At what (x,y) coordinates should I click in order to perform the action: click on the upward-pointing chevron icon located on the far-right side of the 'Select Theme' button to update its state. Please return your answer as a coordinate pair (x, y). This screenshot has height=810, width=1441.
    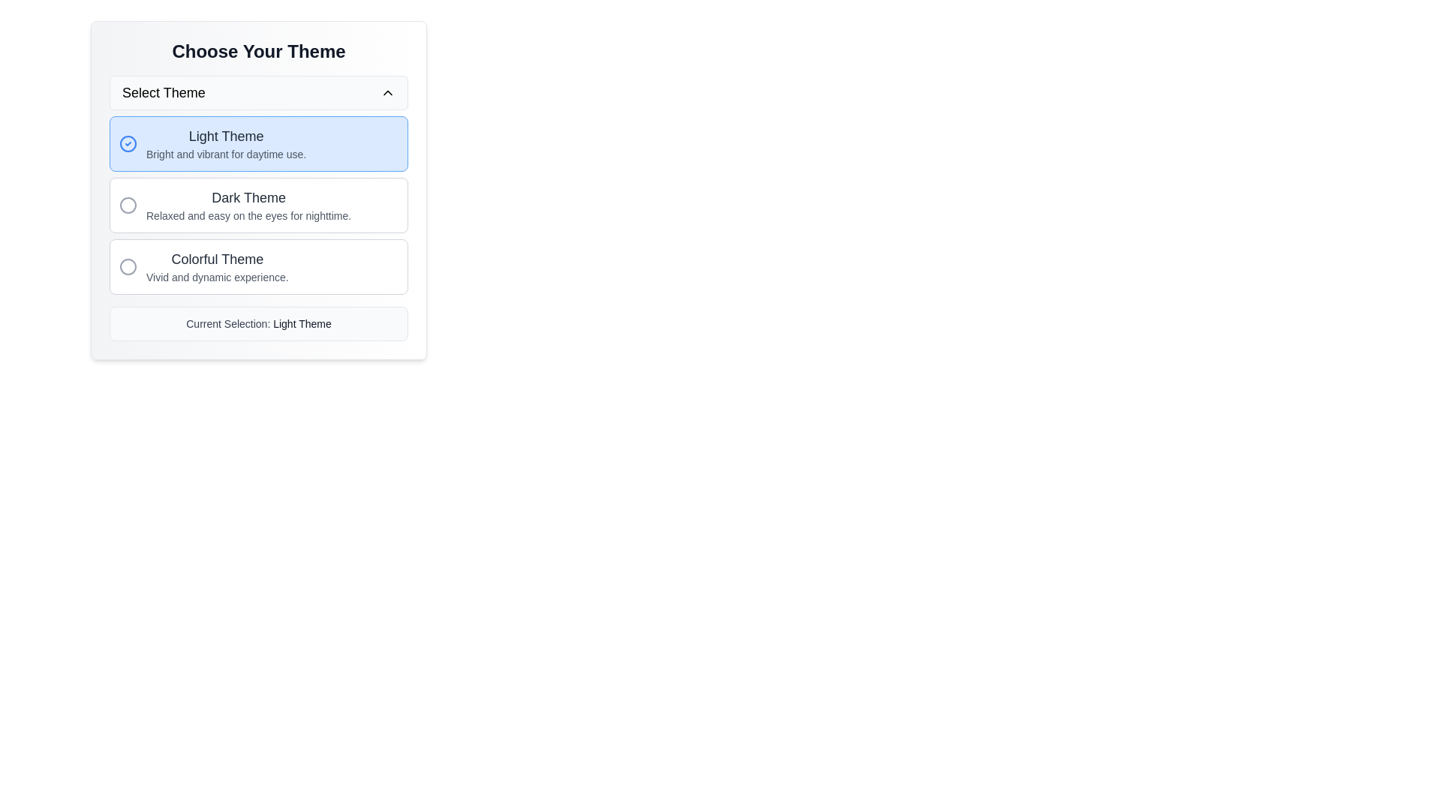
    Looking at the image, I should click on (388, 92).